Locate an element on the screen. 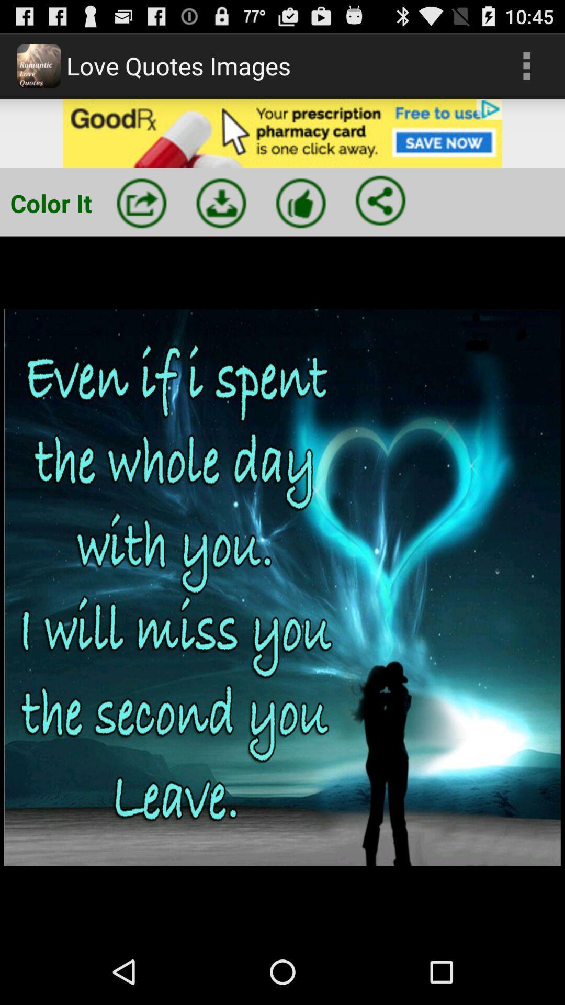  advertisement link to different site is located at coordinates (282, 132).